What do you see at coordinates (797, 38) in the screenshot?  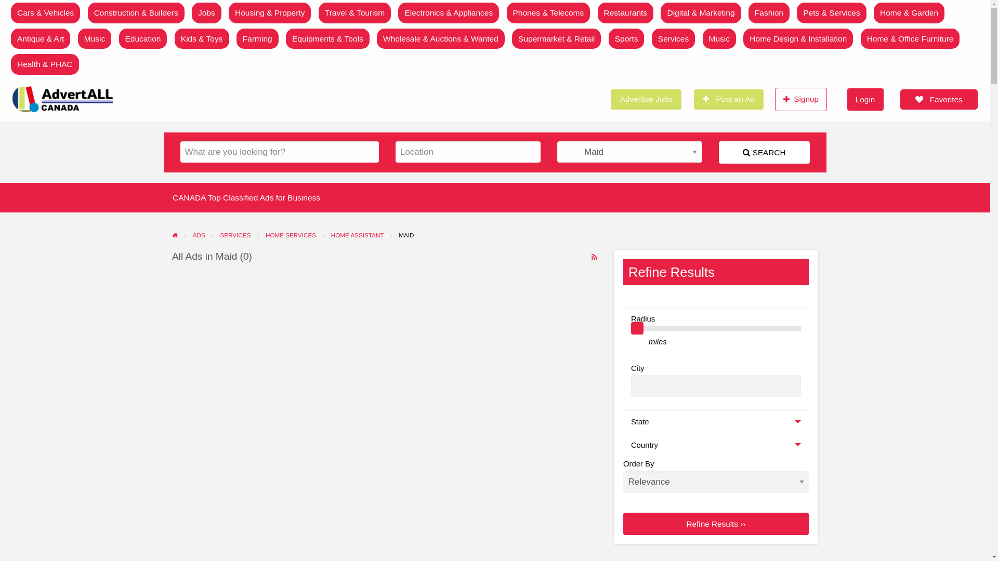 I see `'Home Design & Installation'` at bounding box center [797, 38].